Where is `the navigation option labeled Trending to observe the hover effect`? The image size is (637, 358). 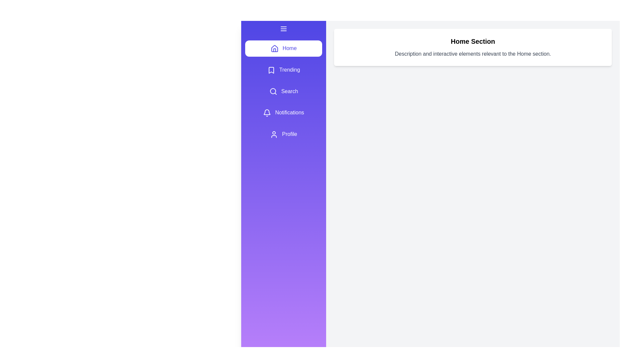
the navigation option labeled Trending to observe the hover effect is located at coordinates (283, 70).